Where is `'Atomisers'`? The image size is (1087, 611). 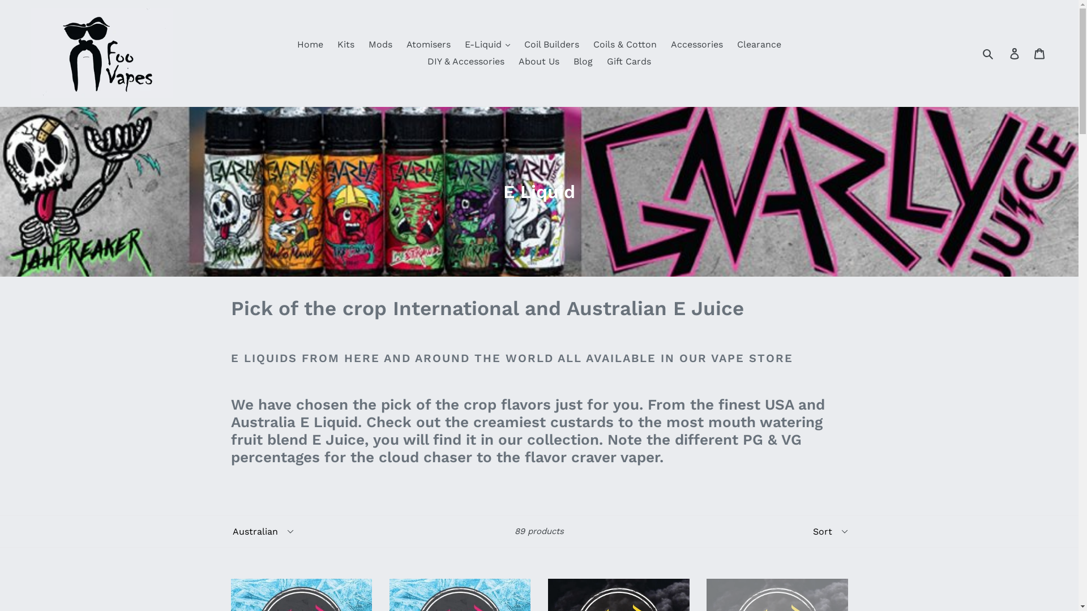 'Atomisers' is located at coordinates (428, 44).